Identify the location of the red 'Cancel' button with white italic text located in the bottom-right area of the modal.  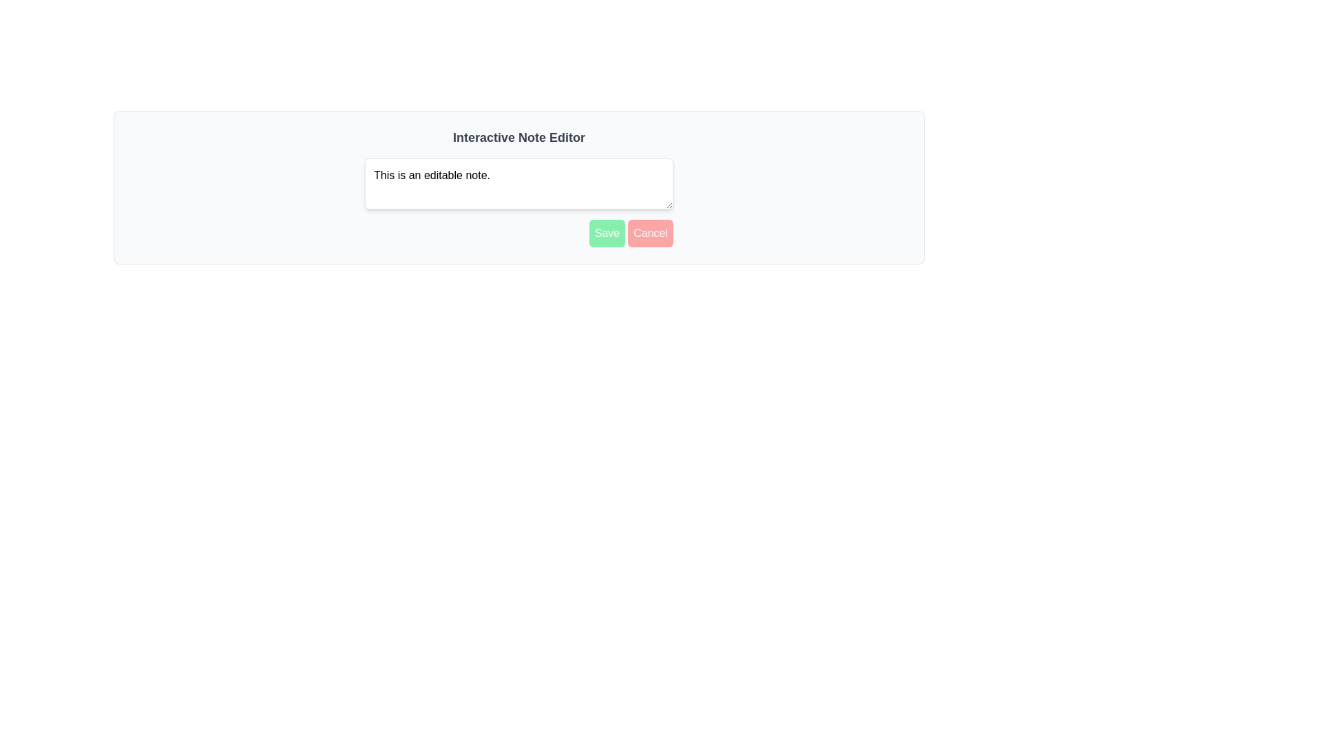
(650, 233).